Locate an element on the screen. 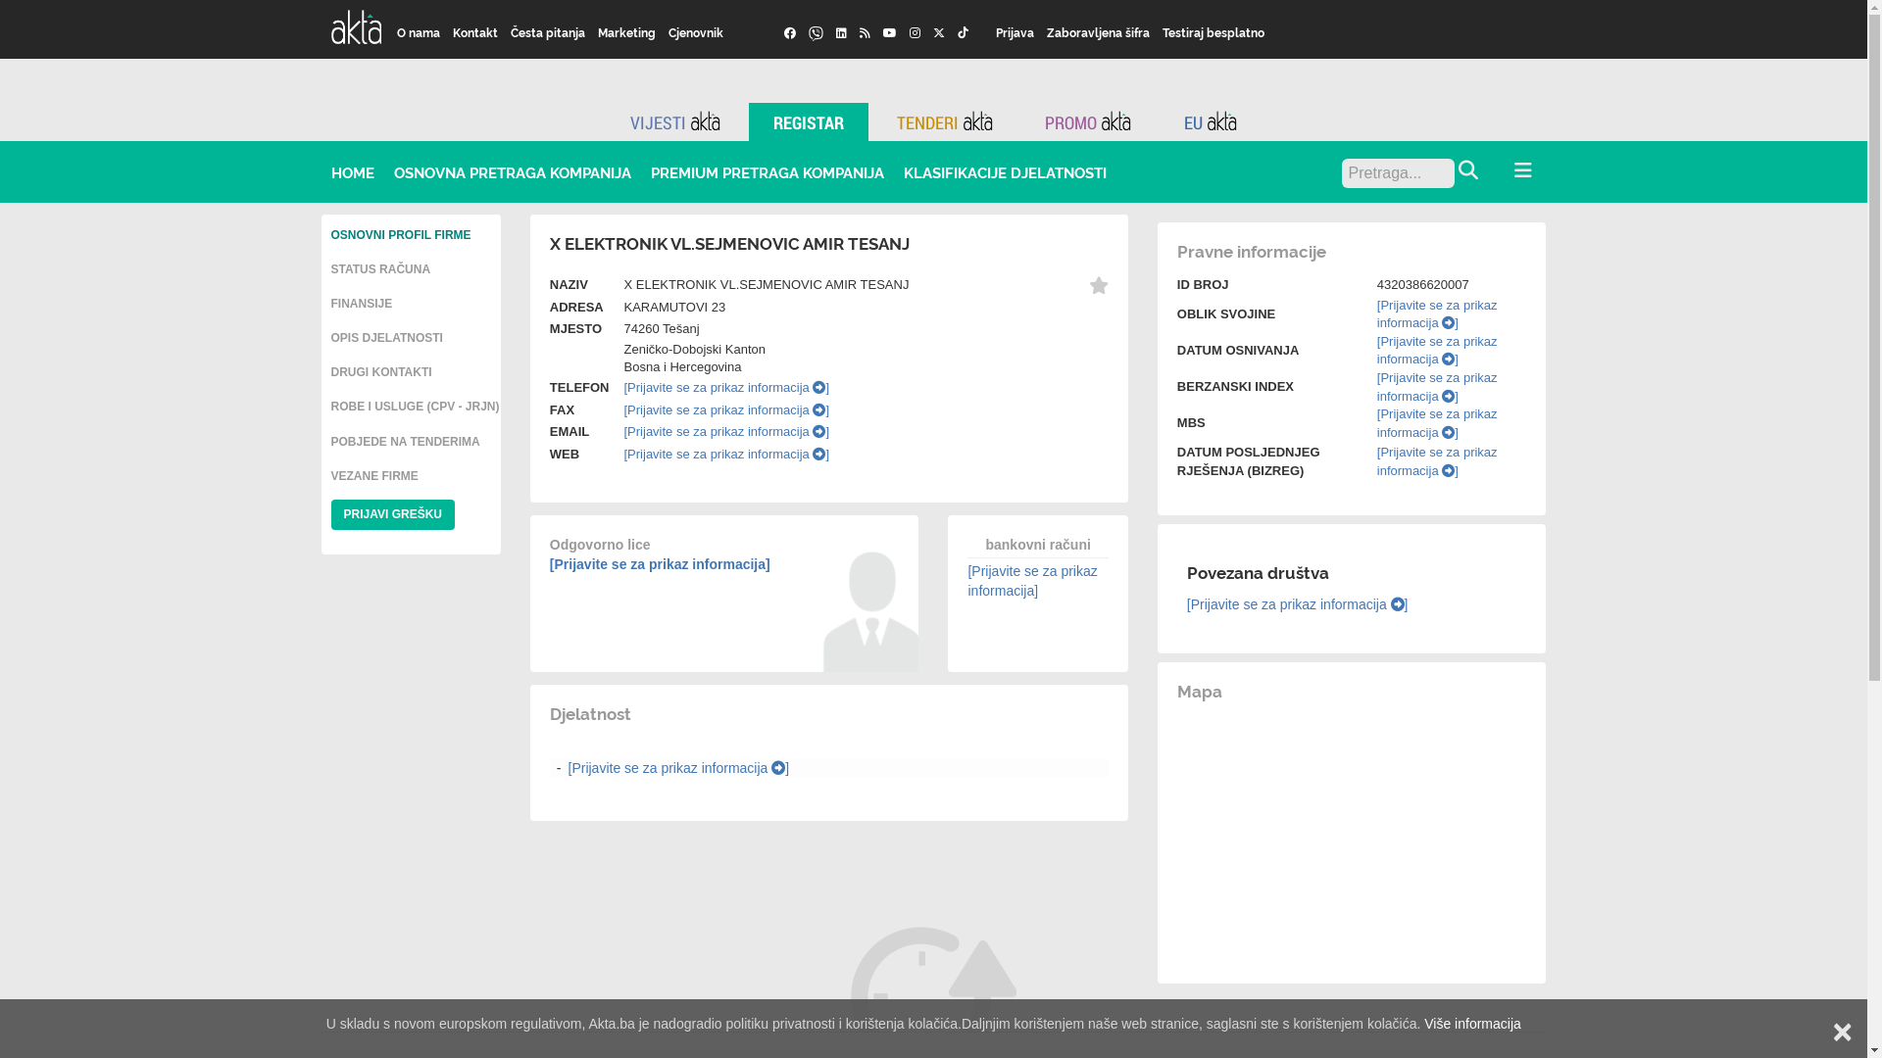 The image size is (1882, 1058). 'VEZANE FIRME' is located at coordinates (374, 476).